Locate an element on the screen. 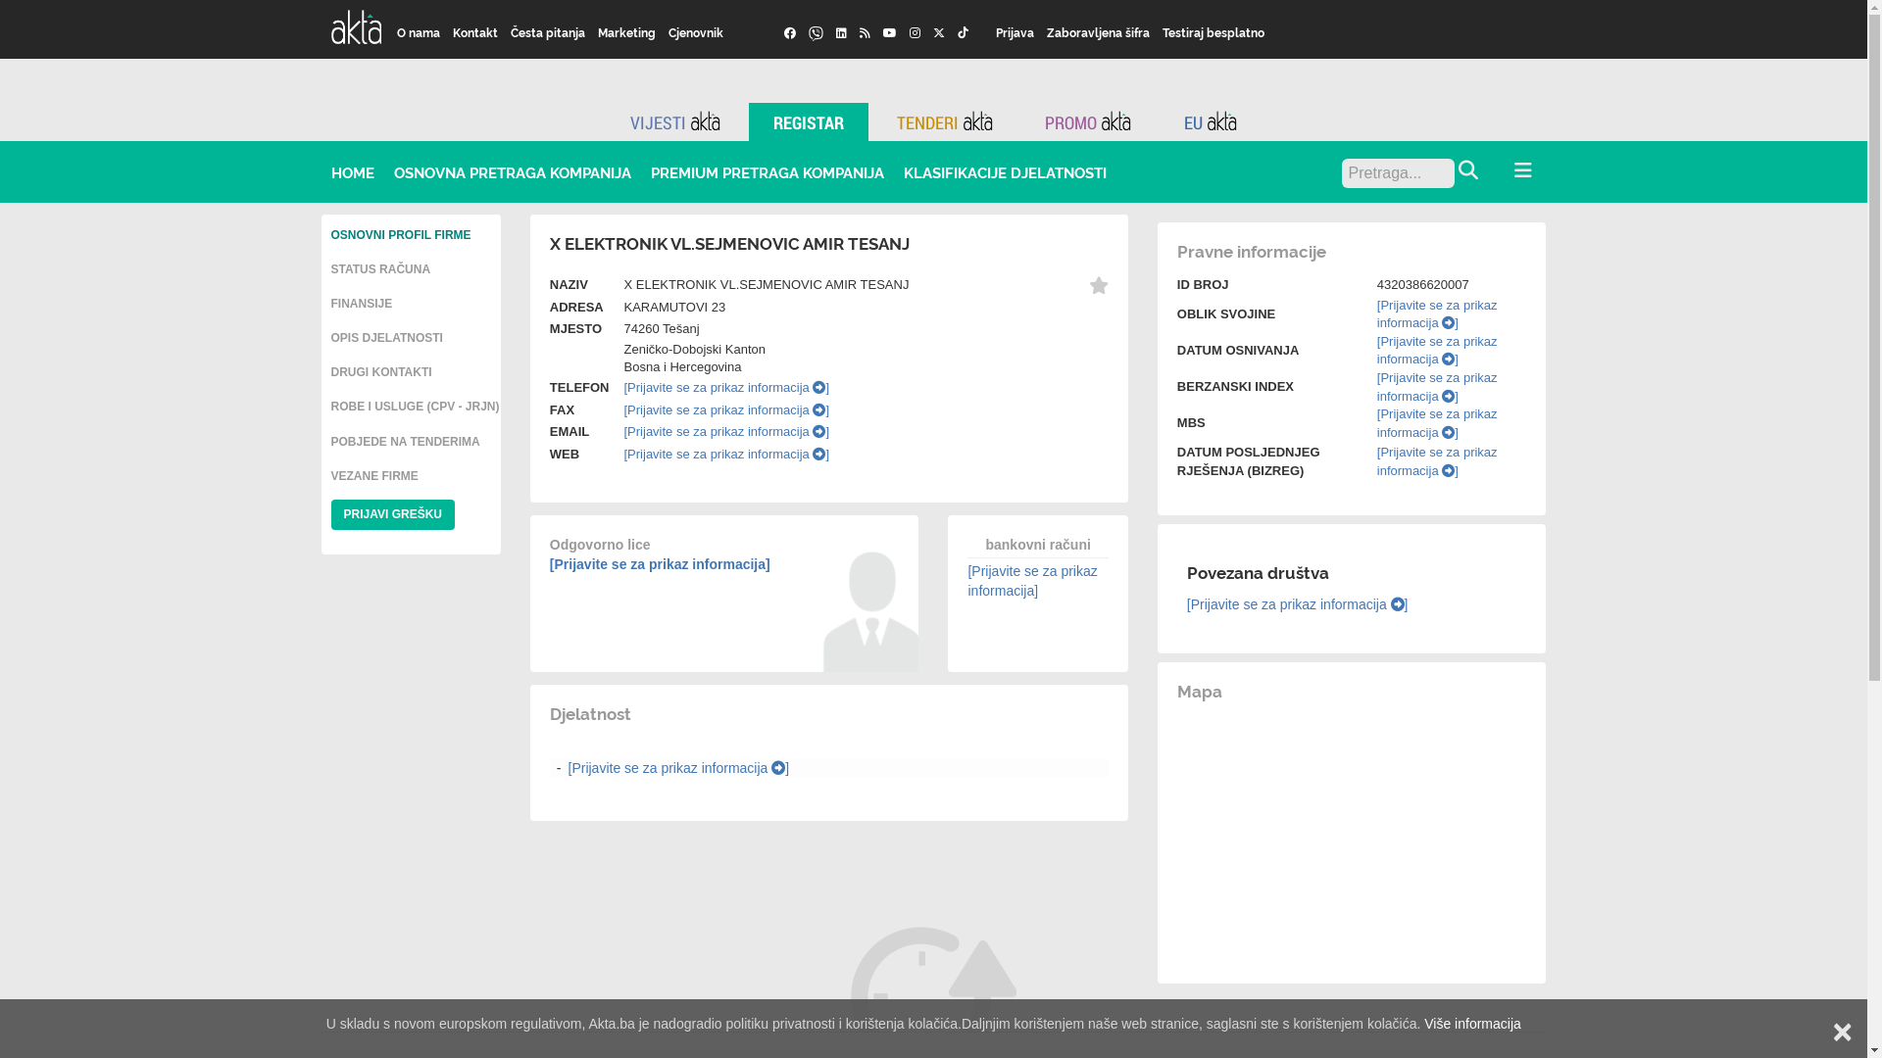 The image size is (1882, 1058). 'VEZANE FIRME' is located at coordinates (374, 476).